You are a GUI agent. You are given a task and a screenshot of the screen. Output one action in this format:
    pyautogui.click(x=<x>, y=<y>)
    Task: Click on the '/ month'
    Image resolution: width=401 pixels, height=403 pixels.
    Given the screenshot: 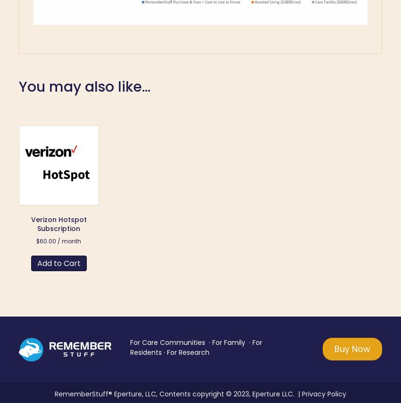 What is the action you would take?
    pyautogui.click(x=57, y=240)
    